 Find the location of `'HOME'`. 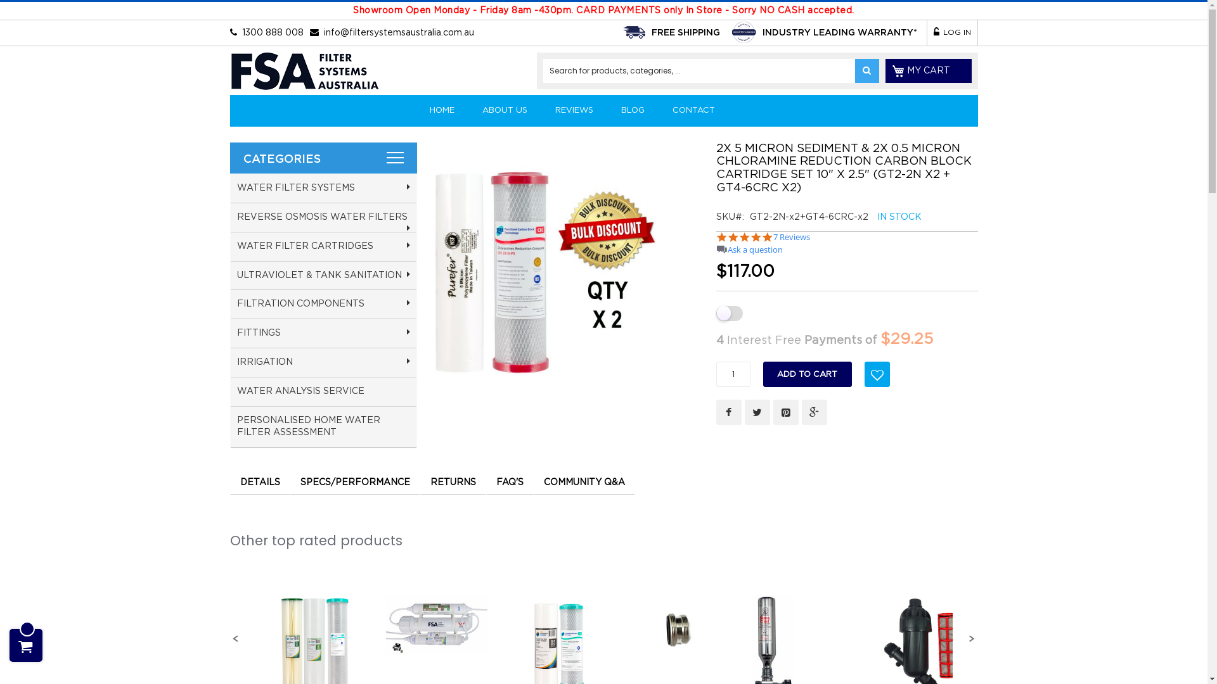

'HOME' is located at coordinates (416, 110).